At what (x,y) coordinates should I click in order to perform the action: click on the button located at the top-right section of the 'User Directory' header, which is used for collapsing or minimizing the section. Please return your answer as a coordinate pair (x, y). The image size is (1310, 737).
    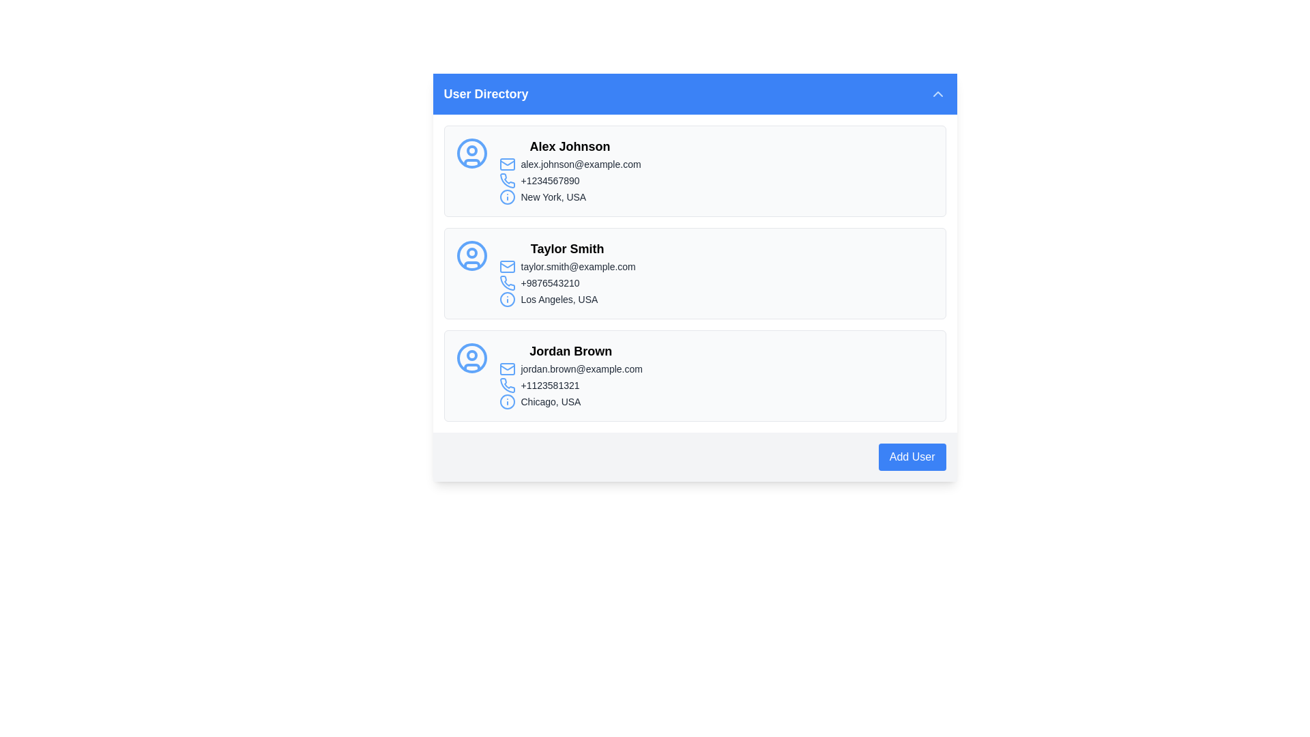
    Looking at the image, I should click on (937, 93).